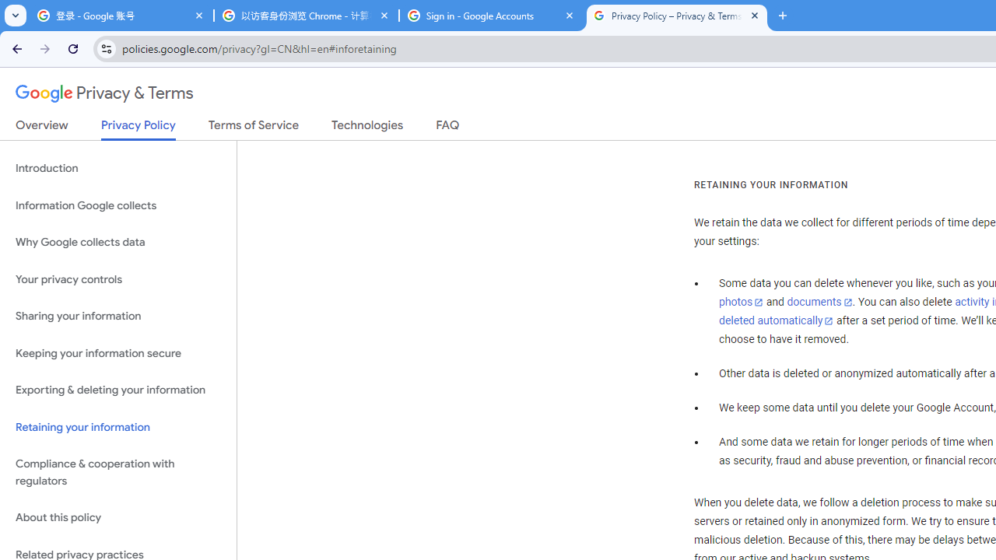  Describe the element at coordinates (117, 472) in the screenshot. I see `'Compliance & cooperation with regulators'` at that location.